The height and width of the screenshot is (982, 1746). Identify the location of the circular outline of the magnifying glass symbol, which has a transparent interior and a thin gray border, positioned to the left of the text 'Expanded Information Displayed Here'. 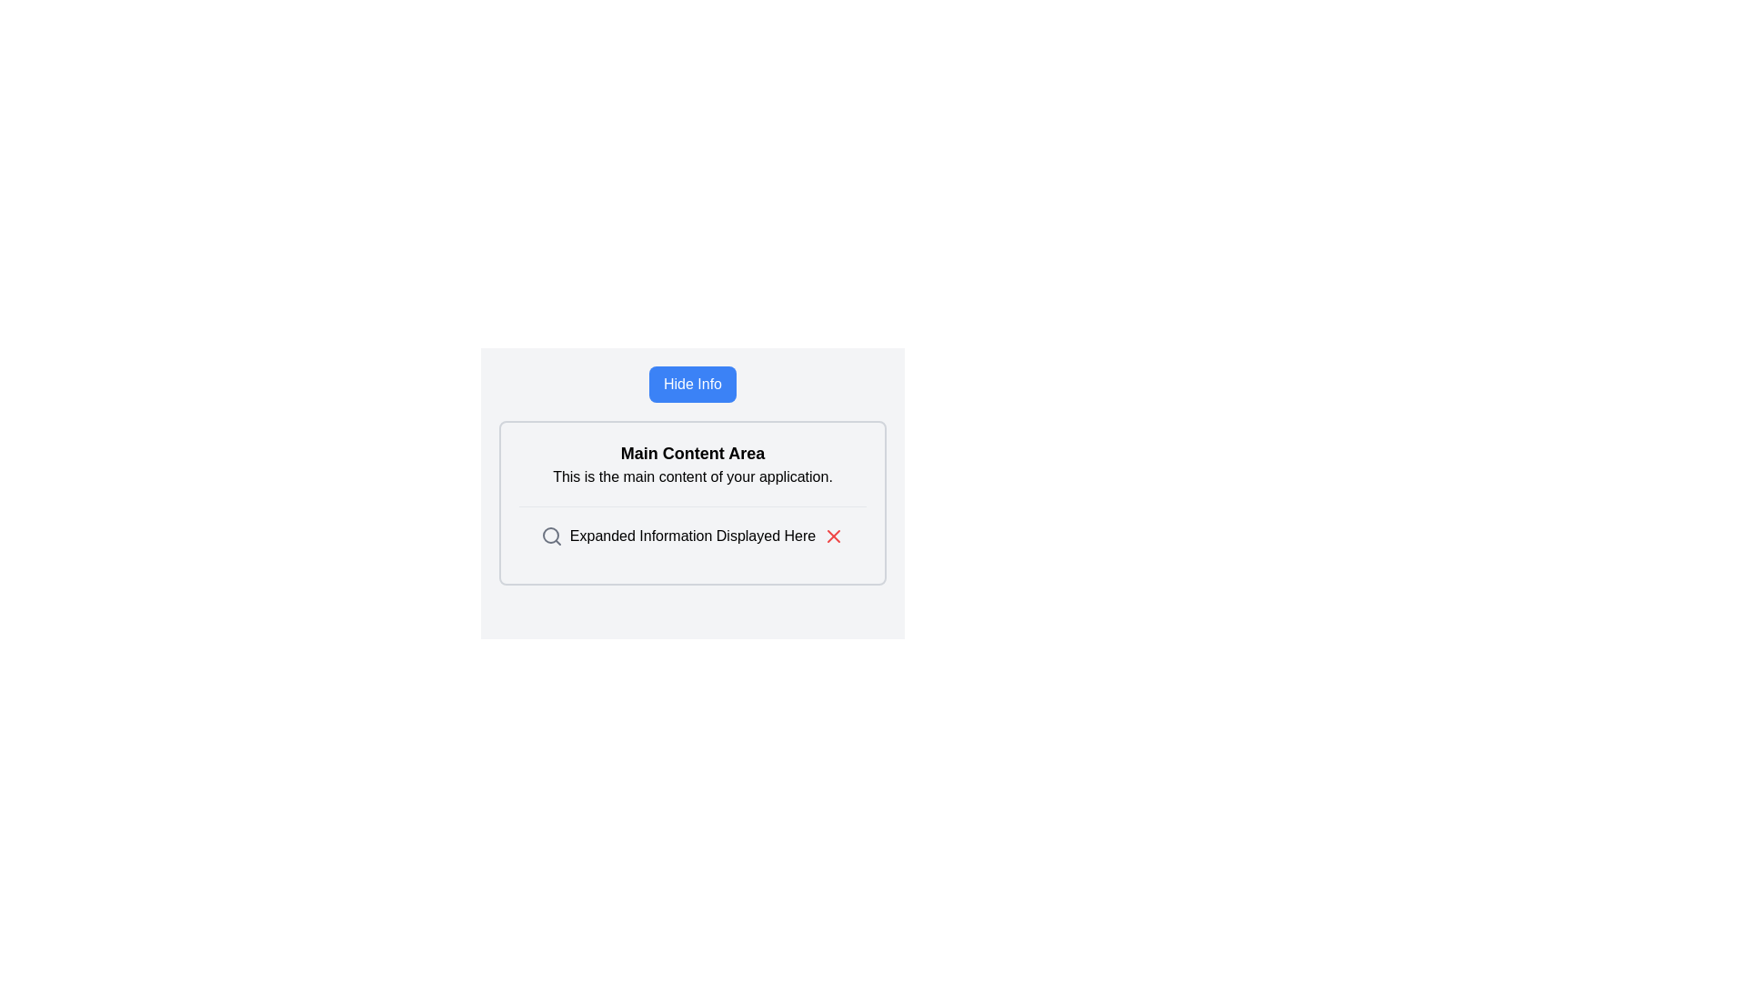
(549, 535).